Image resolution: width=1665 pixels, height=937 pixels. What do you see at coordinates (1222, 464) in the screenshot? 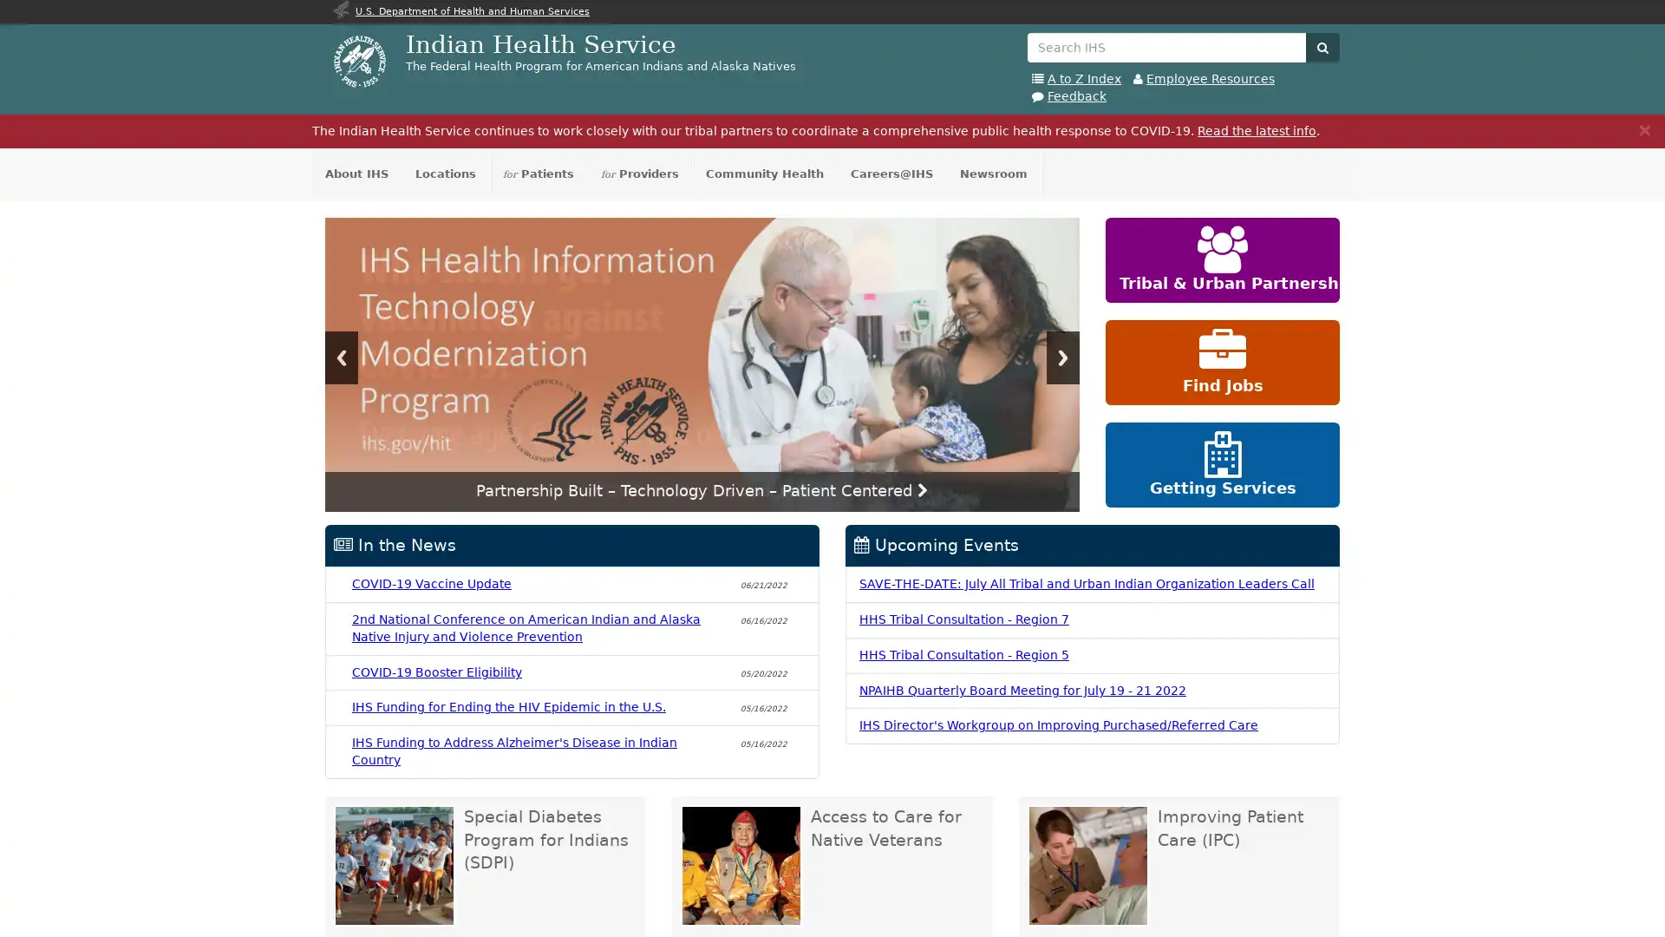
I see `Getting Services` at bounding box center [1222, 464].